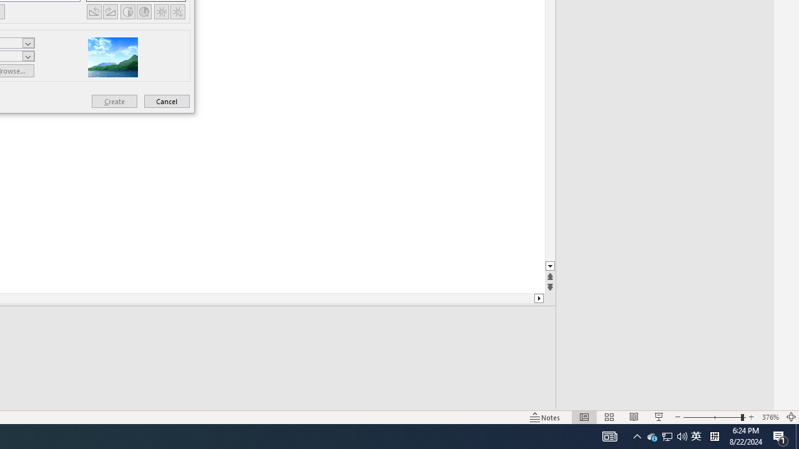  I want to click on 'More Brightness', so click(160, 11).